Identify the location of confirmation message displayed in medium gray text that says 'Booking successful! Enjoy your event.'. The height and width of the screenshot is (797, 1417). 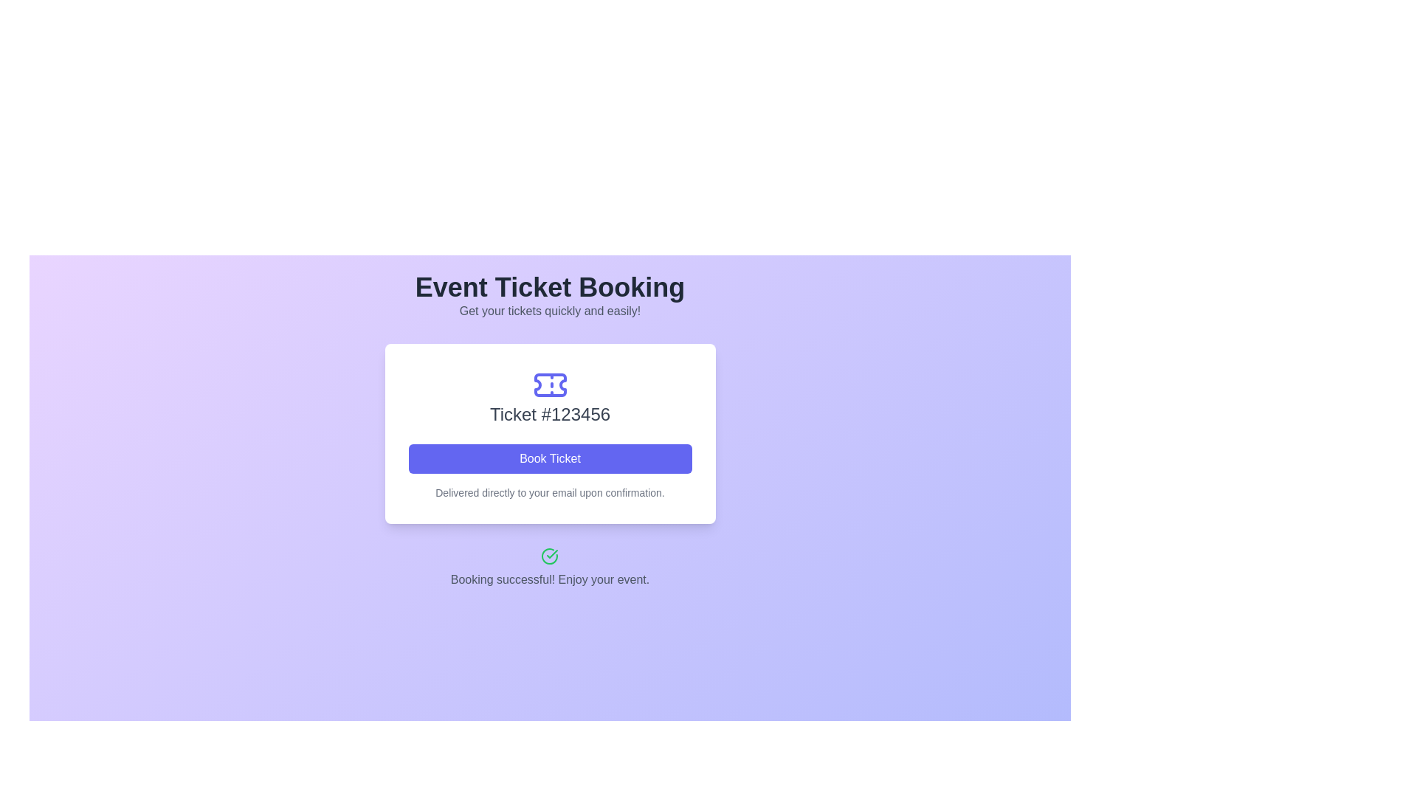
(549, 579).